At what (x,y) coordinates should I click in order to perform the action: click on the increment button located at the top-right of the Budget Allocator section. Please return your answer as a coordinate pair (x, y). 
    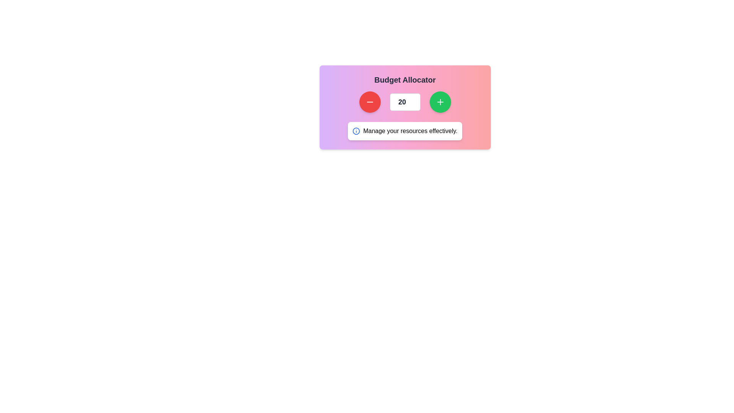
    Looking at the image, I should click on (440, 101).